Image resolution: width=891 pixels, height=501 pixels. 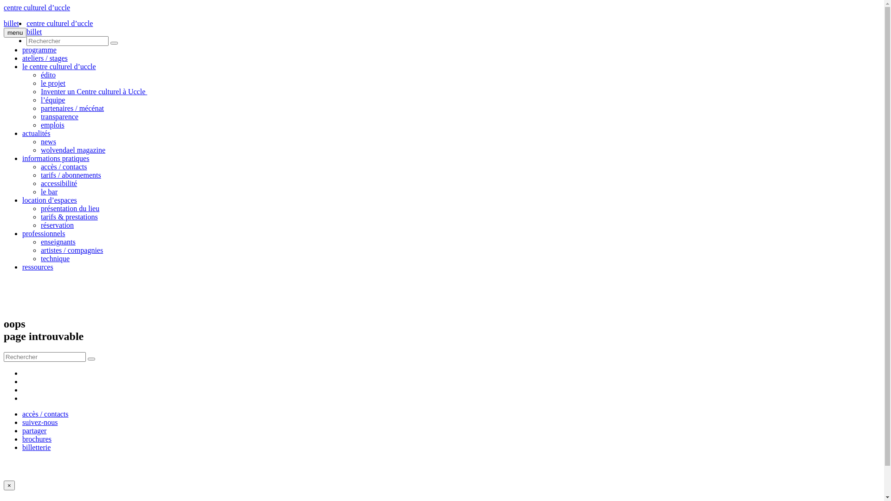 What do you see at coordinates (44, 58) in the screenshot?
I see `'ateliers / stages'` at bounding box center [44, 58].